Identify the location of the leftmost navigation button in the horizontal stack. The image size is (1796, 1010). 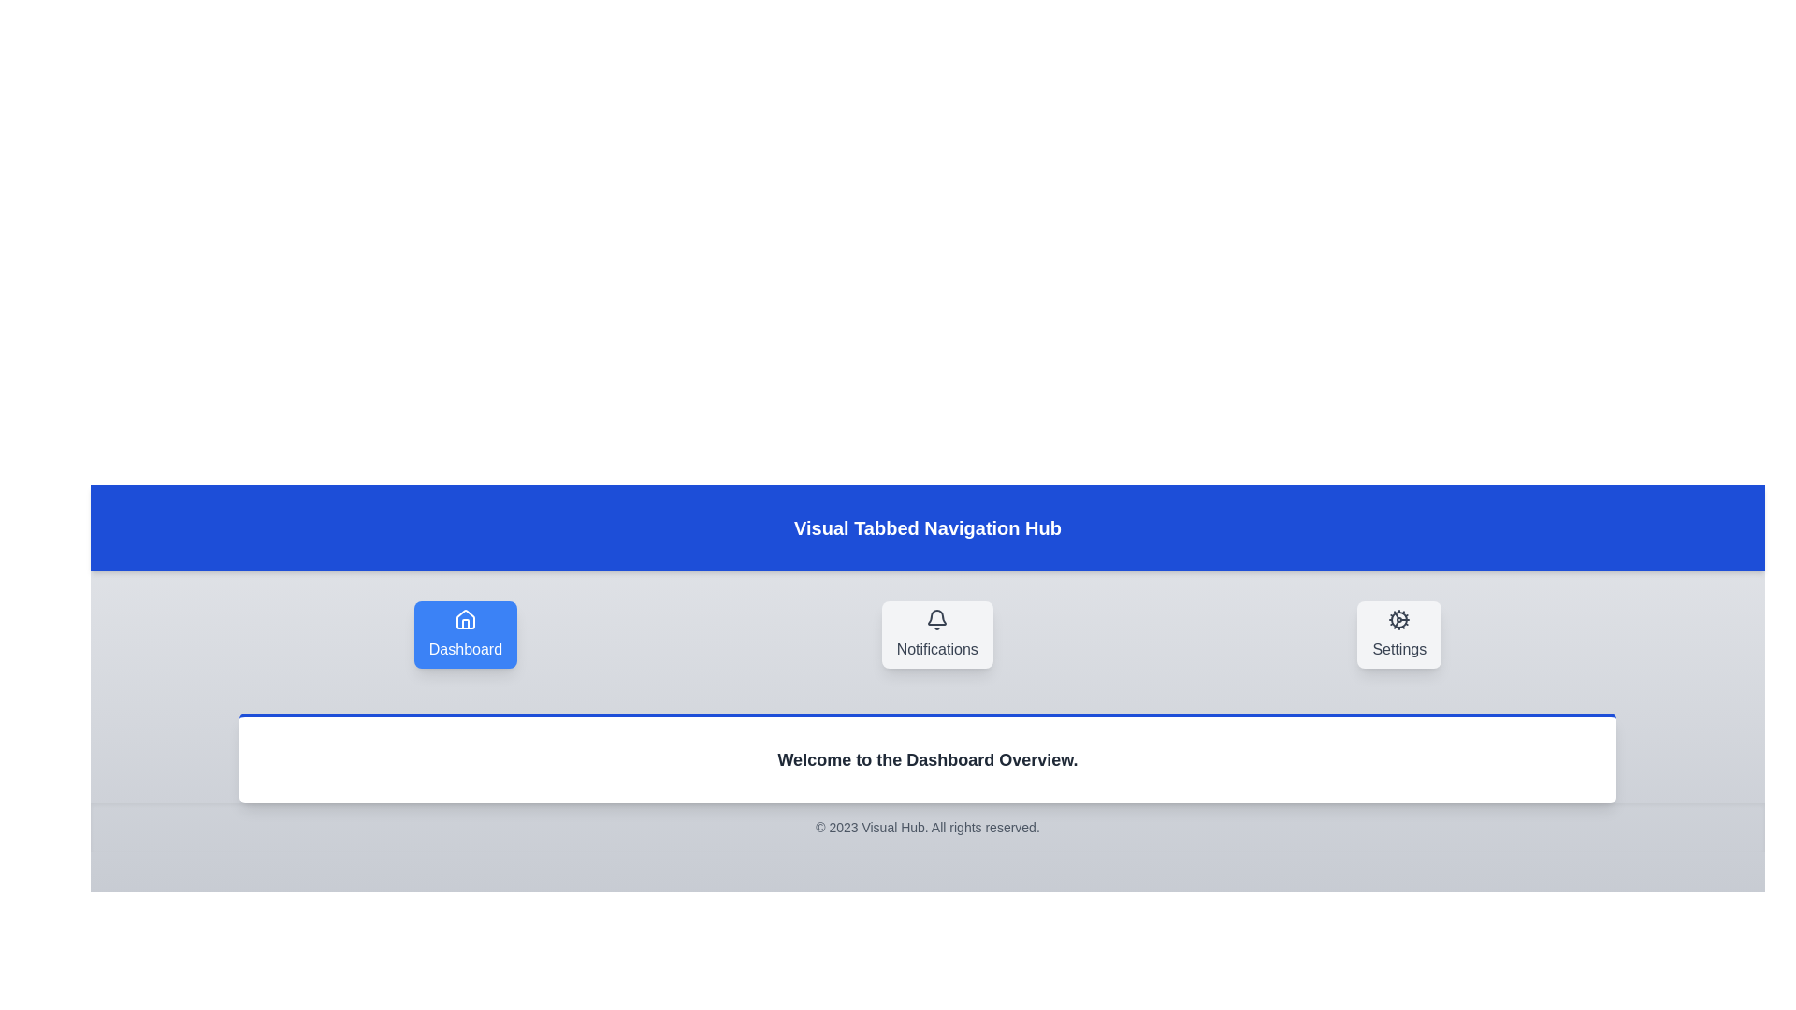
(465, 633).